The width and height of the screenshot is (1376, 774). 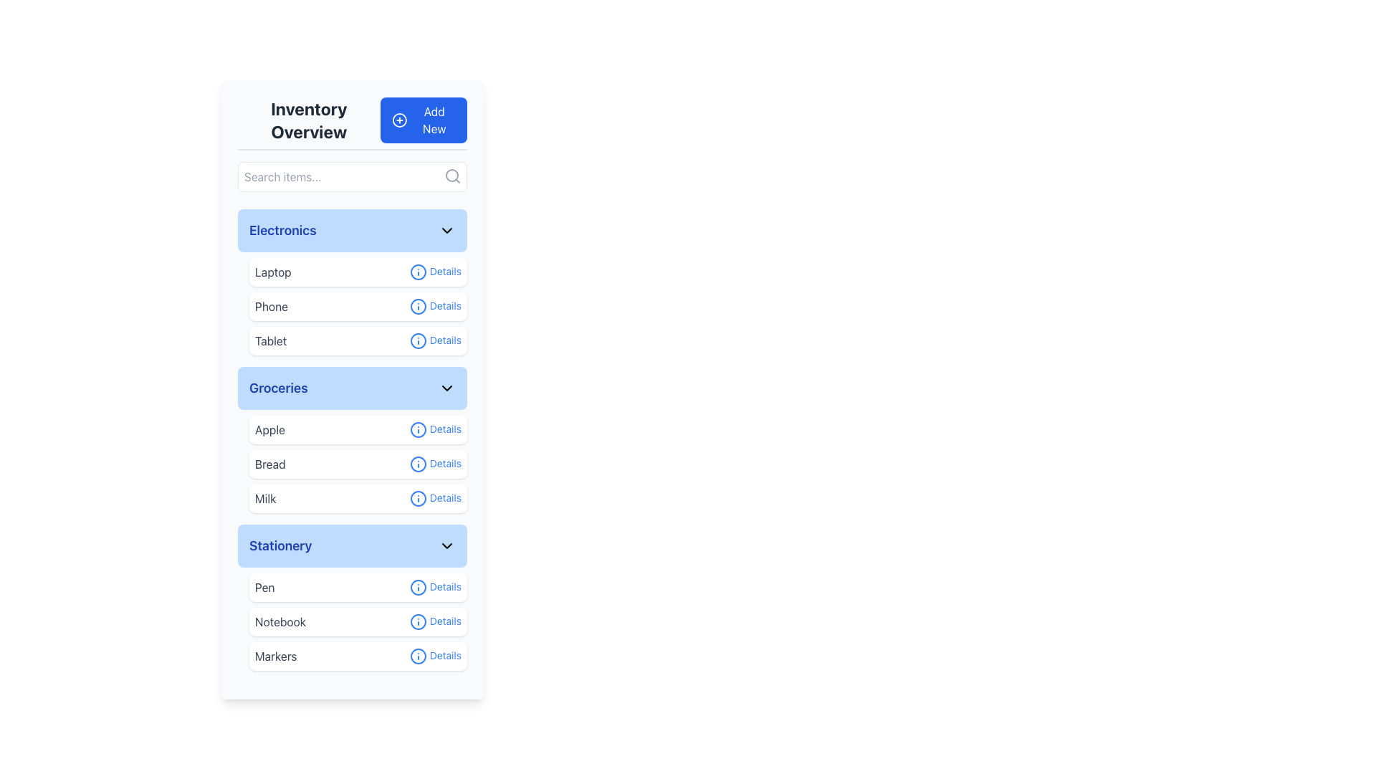 What do you see at coordinates (273, 272) in the screenshot?
I see `the 'Laptop' text label in the 'Electronics' section, which is the first item in the list and located at the top-left corner of the group` at bounding box center [273, 272].